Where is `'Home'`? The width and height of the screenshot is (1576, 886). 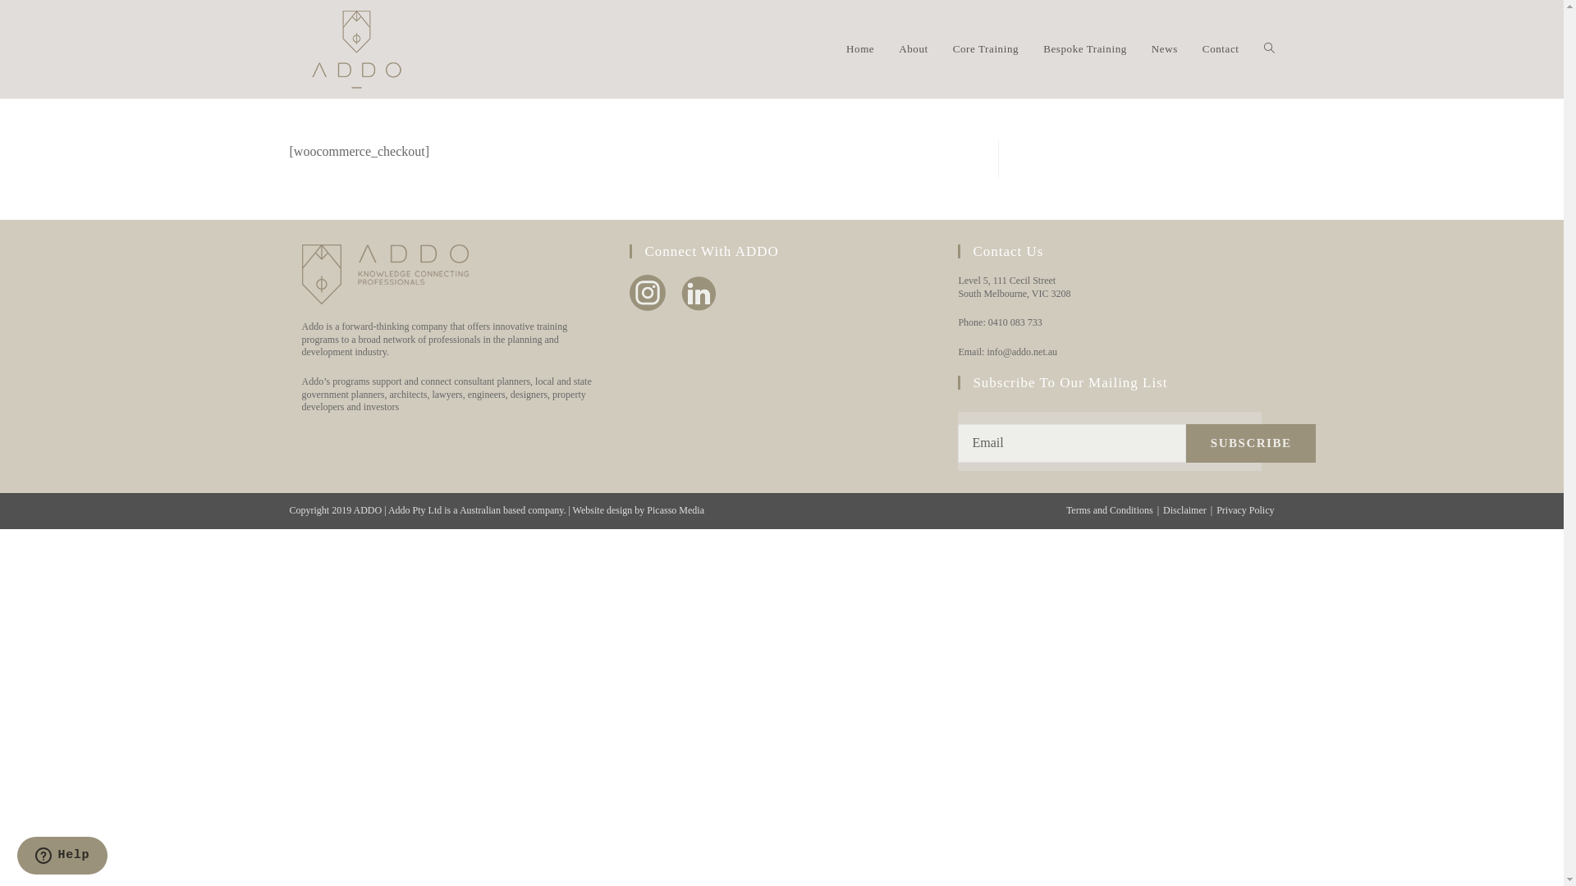
'Home' is located at coordinates (859, 48).